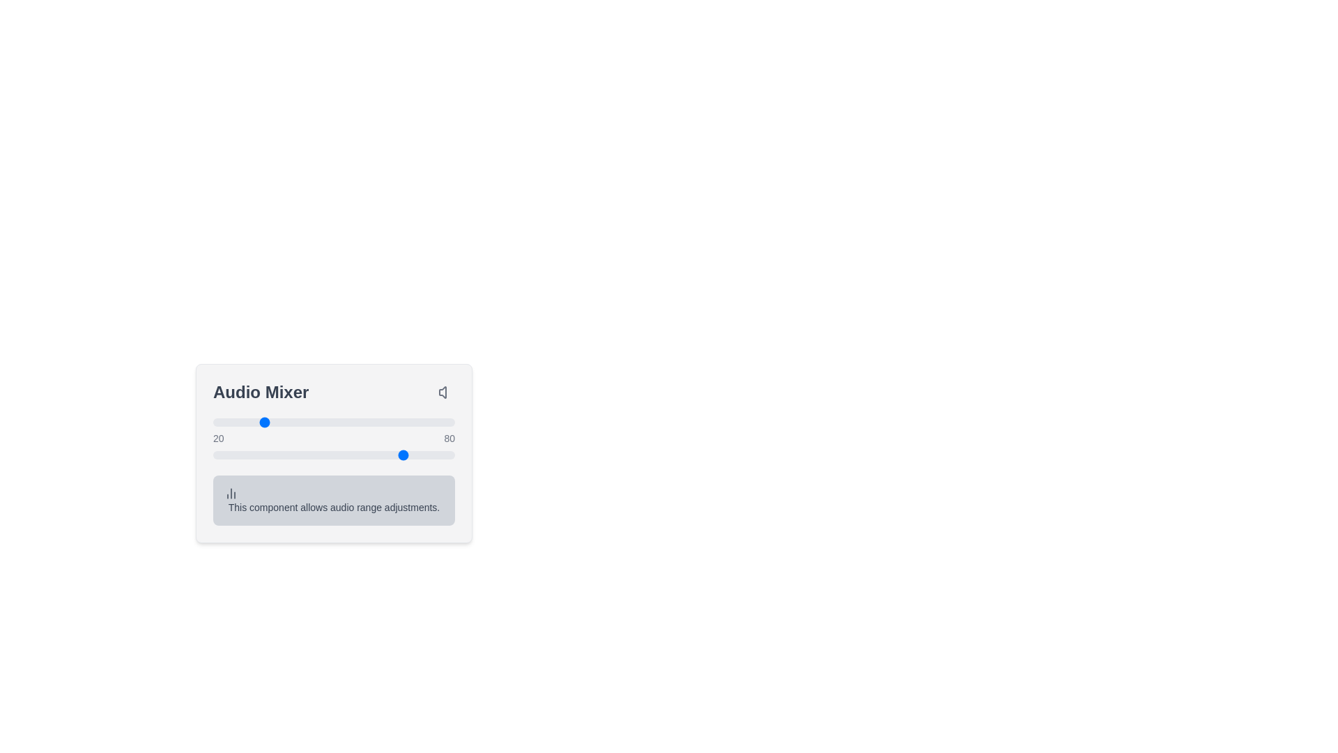 The width and height of the screenshot is (1338, 753). I want to click on the static text label that indicates numeric values for the first slider in the 'Audio Mixer' section, positioned between the numbers '20' and '80', so click(333, 439).